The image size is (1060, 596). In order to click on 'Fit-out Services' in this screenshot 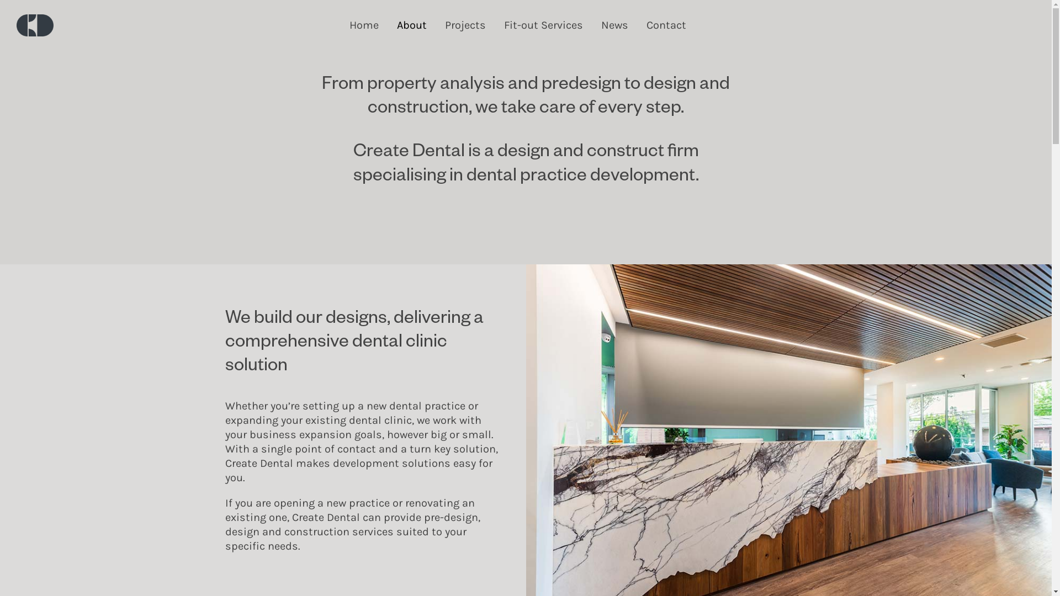, I will do `click(543, 25)`.